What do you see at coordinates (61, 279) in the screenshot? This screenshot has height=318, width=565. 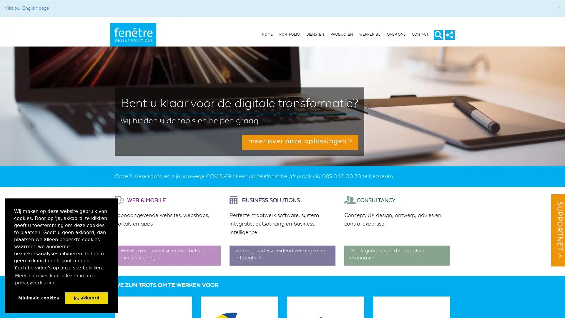 I see `learn more about cookies` at bounding box center [61, 279].